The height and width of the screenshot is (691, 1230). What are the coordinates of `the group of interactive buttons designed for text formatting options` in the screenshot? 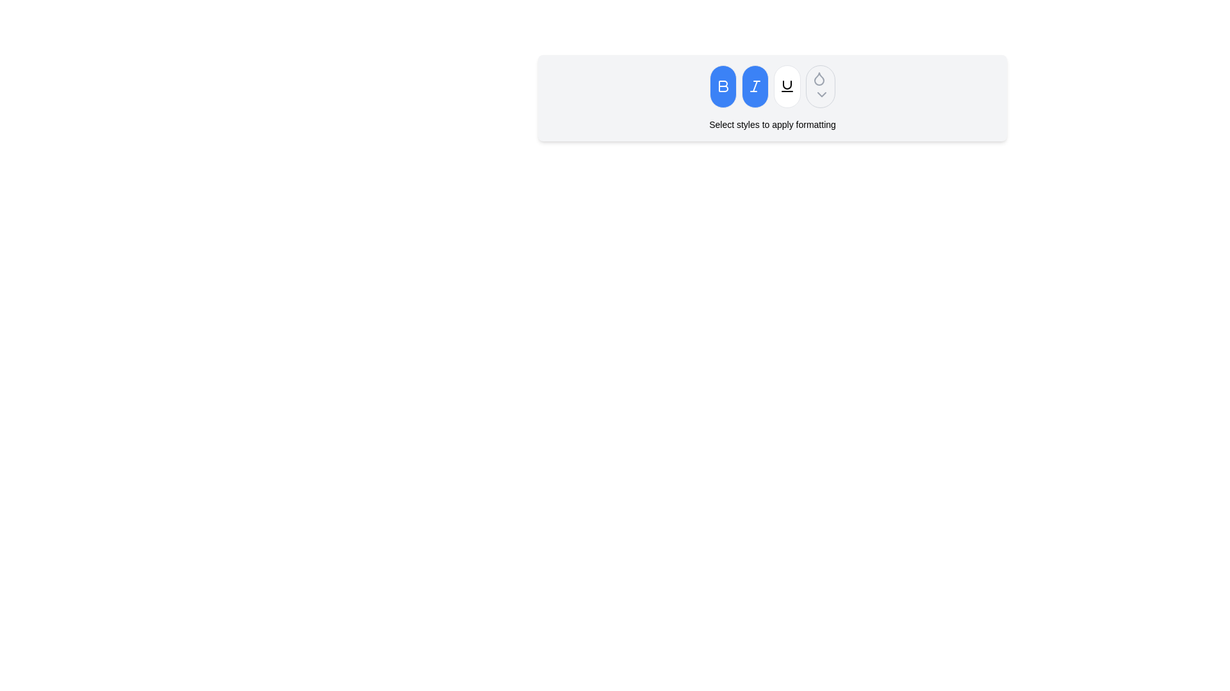 It's located at (771, 86).